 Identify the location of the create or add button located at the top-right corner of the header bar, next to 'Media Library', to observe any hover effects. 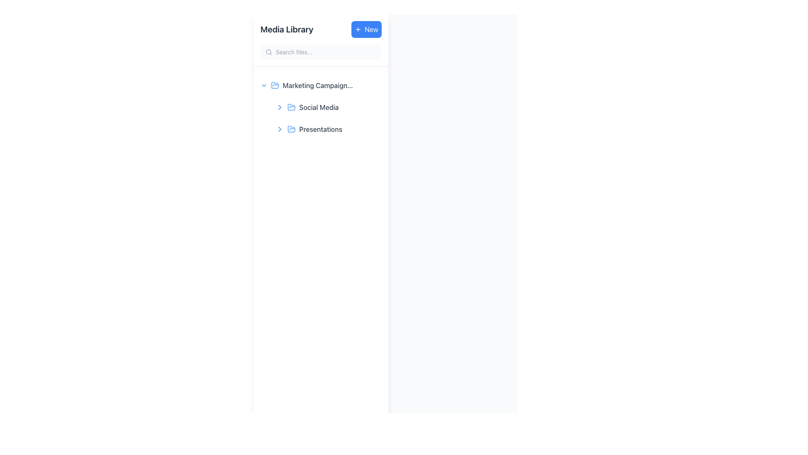
(366, 29).